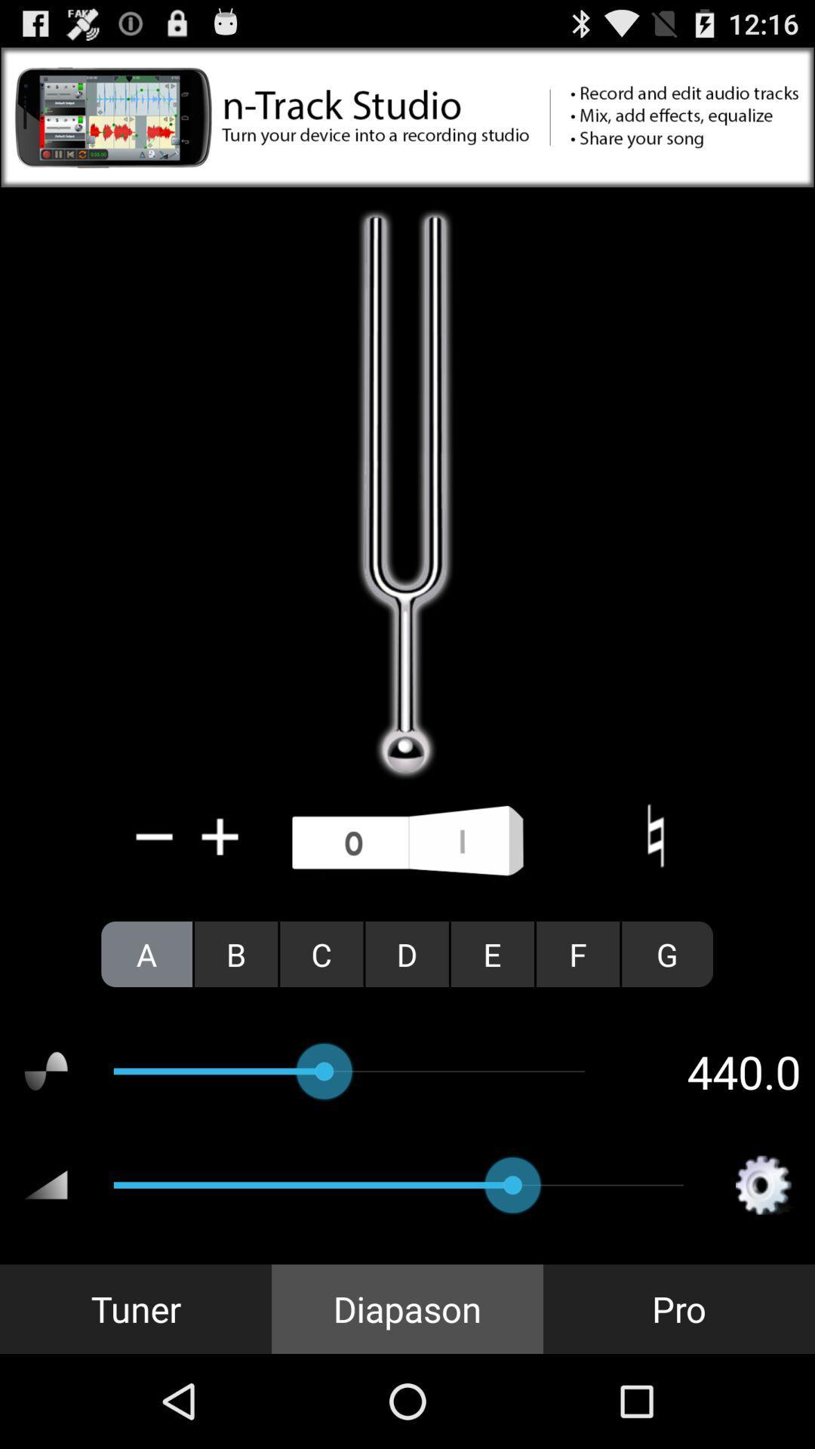 The image size is (815, 1449). I want to click on the icon next to the c radio button, so click(406, 953).